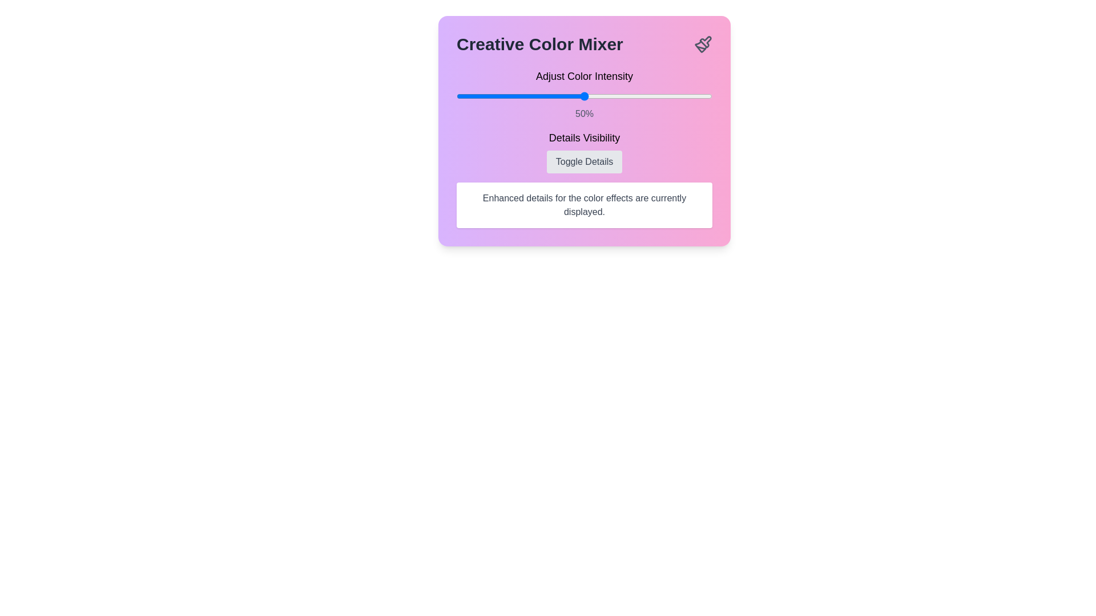 The width and height of the screenshot is (1096, 616). Describe the element at coordinates (584, 162) in the screenshot. I see `the toggle button that controls the visibility of additional color effect details, located below 'Details Visibility' and above the description block` at that location.